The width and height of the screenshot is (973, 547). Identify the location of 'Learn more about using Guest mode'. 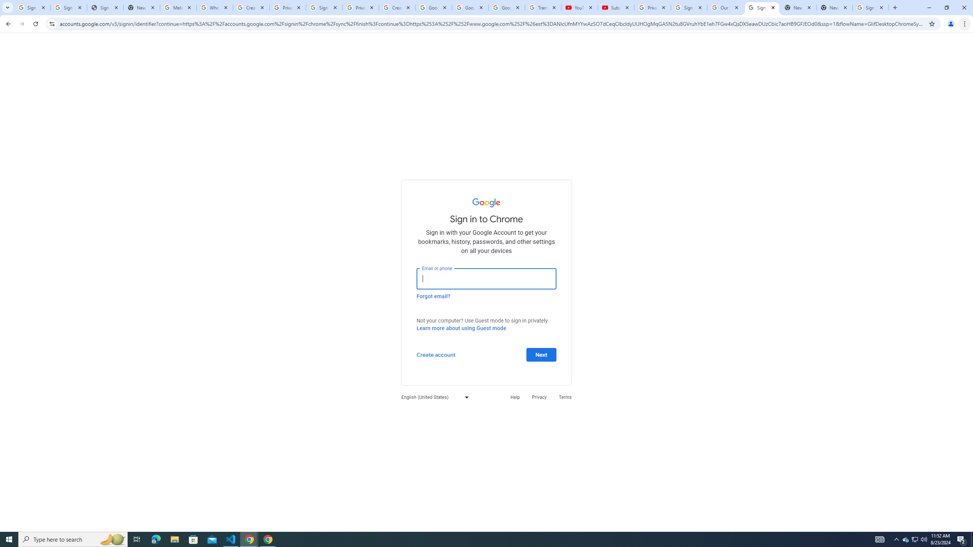
(461, 328).